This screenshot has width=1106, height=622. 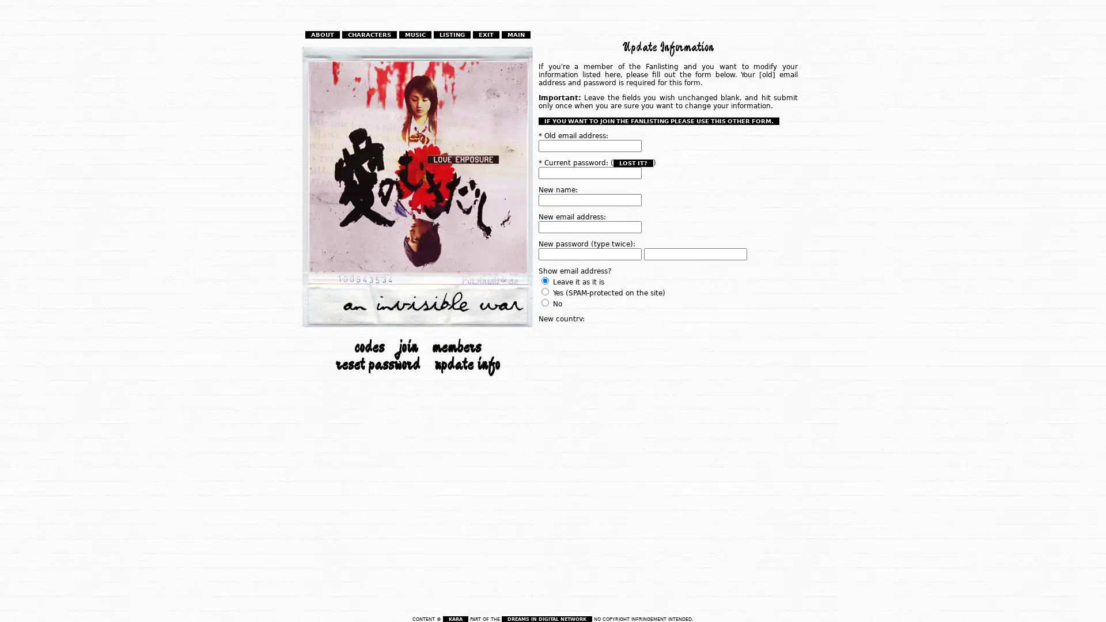 What do you see at coordinates (586, 385) in the screenshot?
I see `Modify my information` at bounding box center [586, 385].